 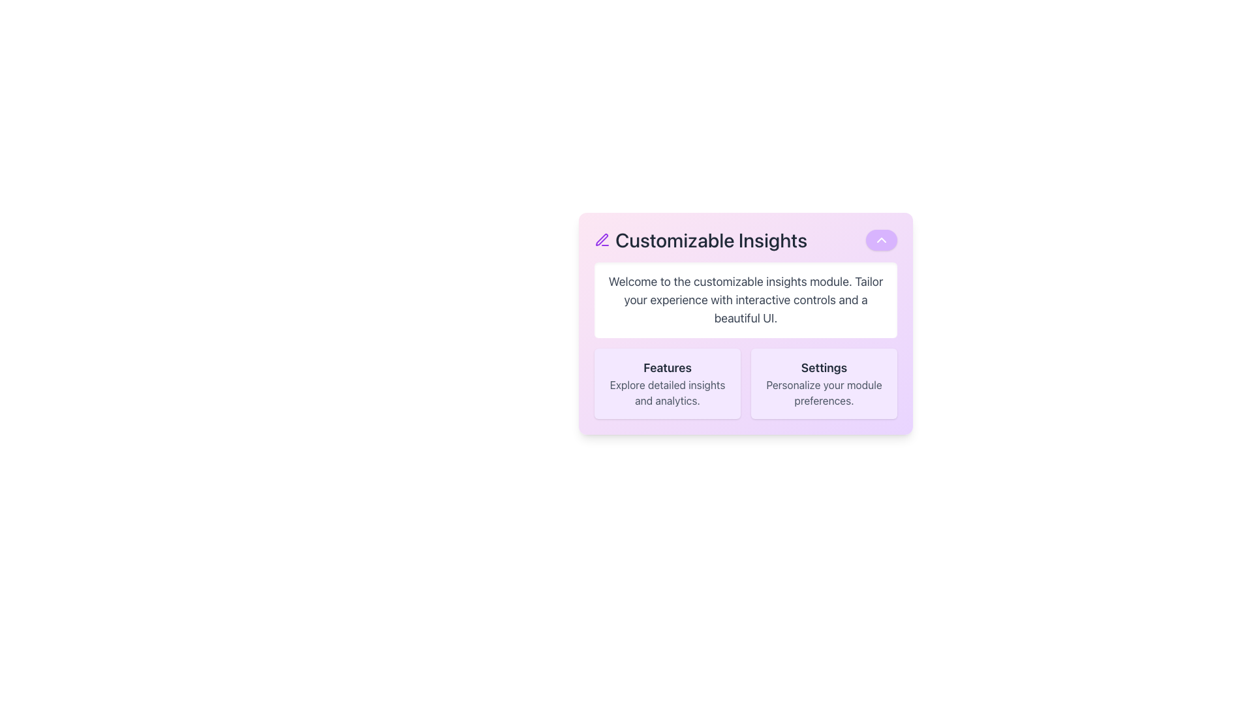 What do you see at coordinates (667, 383) in the screenshot?
I see `the Informational card with a light purple background and the title 'Features' in bold black font, located in the lower left corner of the grid layout` at bounding box center [667, 383].